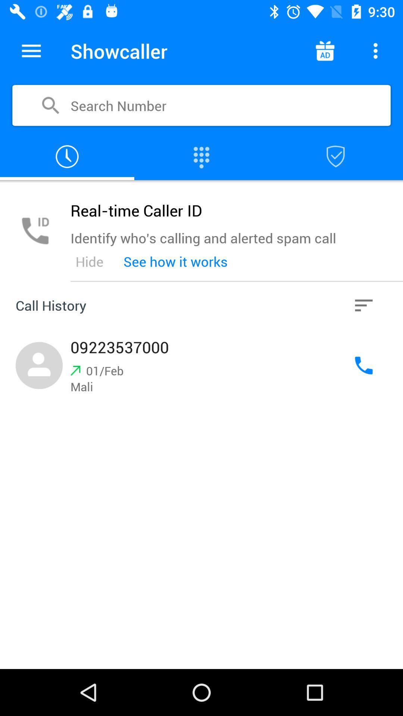 This screenshot has height=716, width=403. Describe the element at coordinates (89, 261) in the screenshot. I see `the hide icon` at that location.